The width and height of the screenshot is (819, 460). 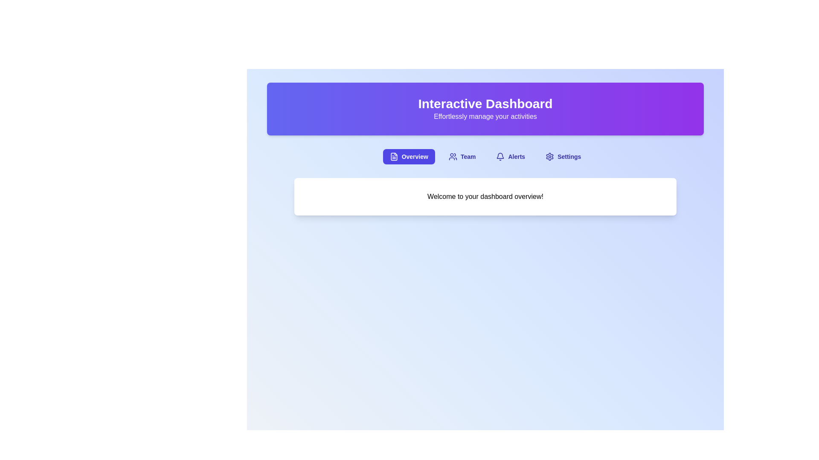 I want to click on the 'Settings' button located on the rightmost side of the navigation bar, so click(x=563, y=156).